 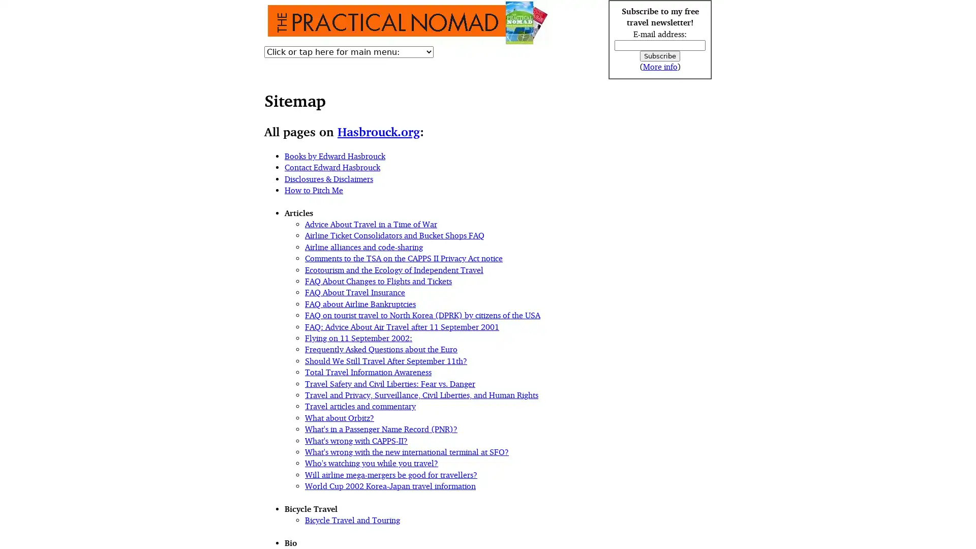 What do you see at coordinates (660, 56) in the screenshot?
I see `Subscribe` at bounding box center [660, 56].